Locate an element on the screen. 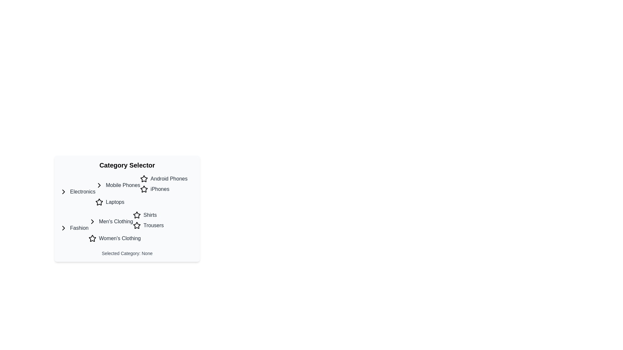  the navigation group header labeled 'Mobile Phones' is located at coordinates (141, 185).